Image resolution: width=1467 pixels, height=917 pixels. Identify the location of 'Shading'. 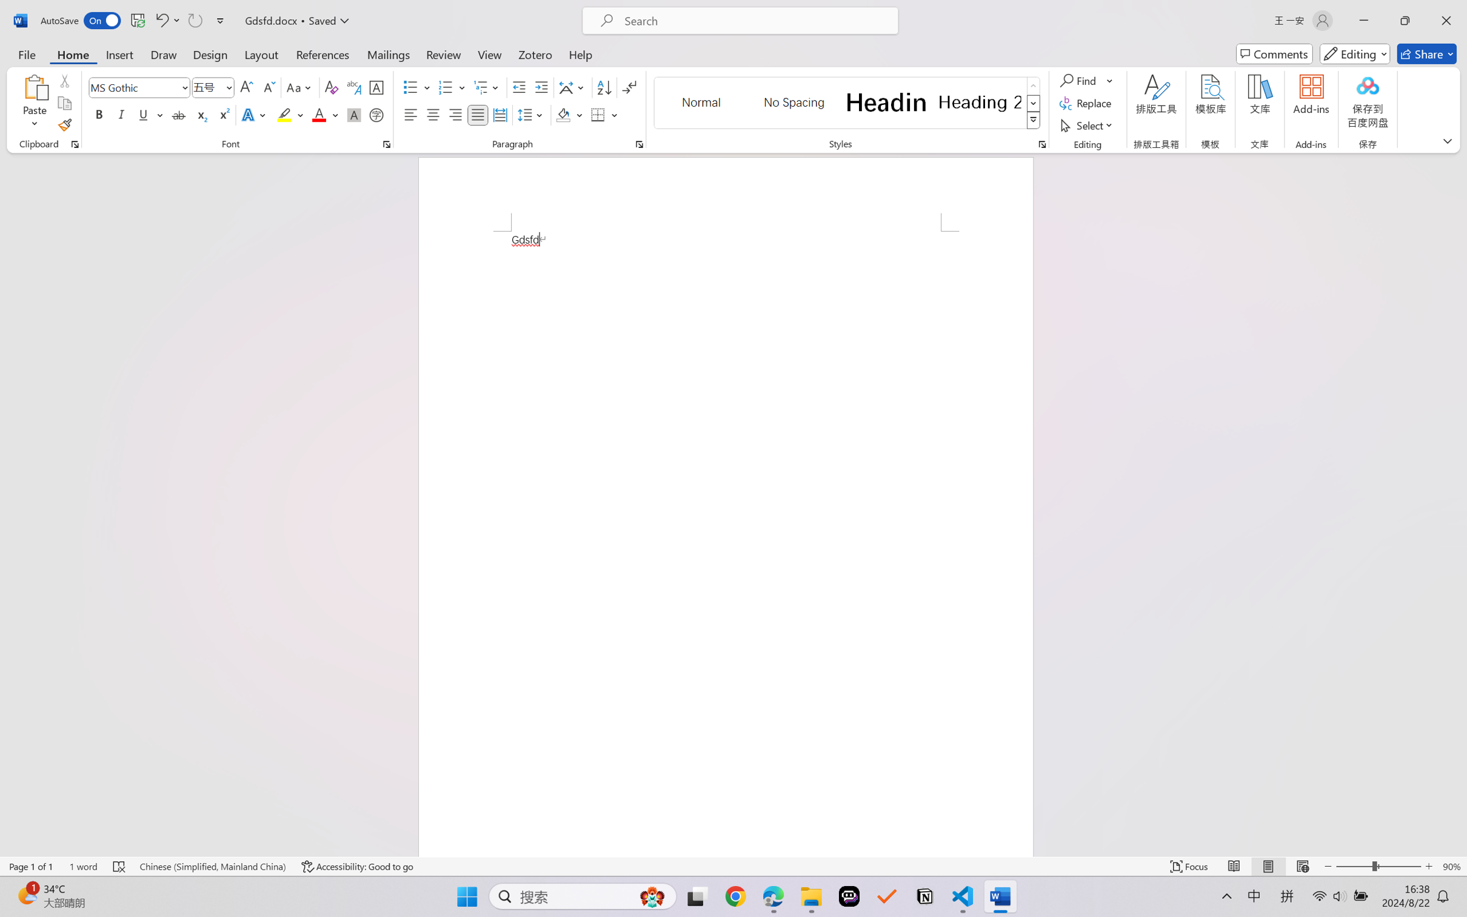
(569, 114).